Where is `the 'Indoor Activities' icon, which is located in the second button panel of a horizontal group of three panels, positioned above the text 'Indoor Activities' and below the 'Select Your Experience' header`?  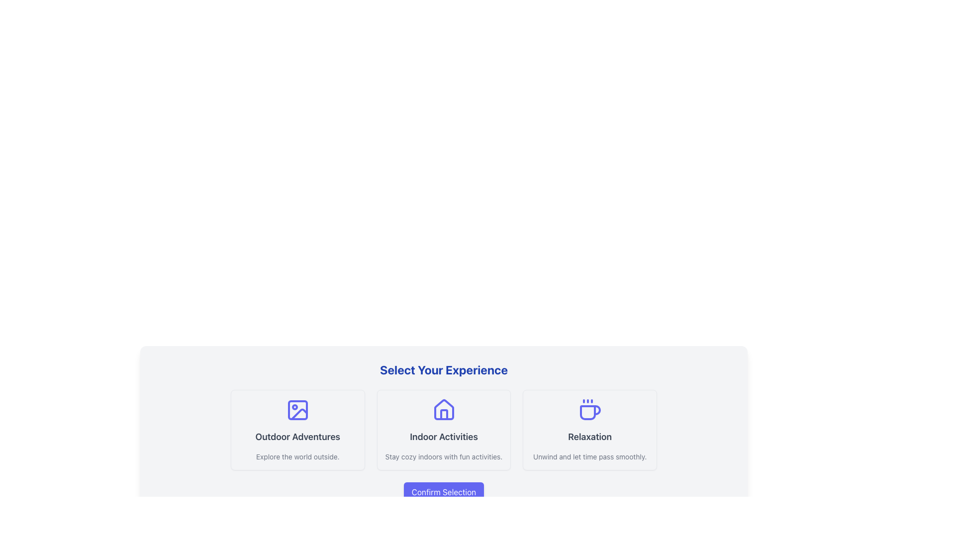
the 'Indoor Activities' icon, which is located in the second button panel of a horizontal group of three panels, positioned above the text 'Indoor Activities' and below the 'Select Your Experience' header is located at coordinates (443, 410).